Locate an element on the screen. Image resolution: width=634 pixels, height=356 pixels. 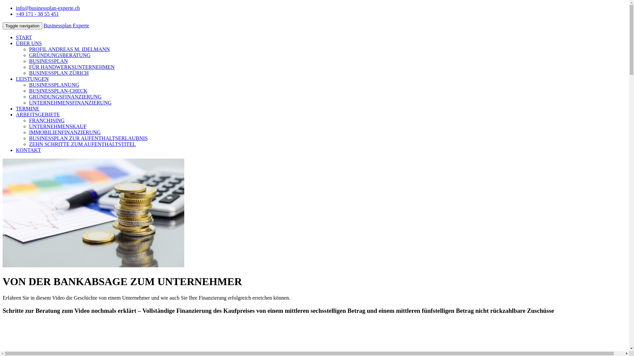
'Businessplan Experte' is located at coordinates (43, 25).